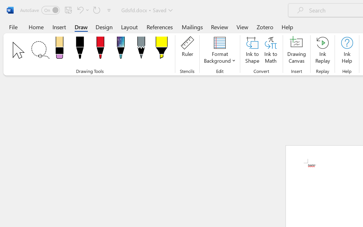 Image resolution: width=363 pixels, height=227 pixels. I want to click on 'Pencil: Gray, 1 mm', so click(141, 49).